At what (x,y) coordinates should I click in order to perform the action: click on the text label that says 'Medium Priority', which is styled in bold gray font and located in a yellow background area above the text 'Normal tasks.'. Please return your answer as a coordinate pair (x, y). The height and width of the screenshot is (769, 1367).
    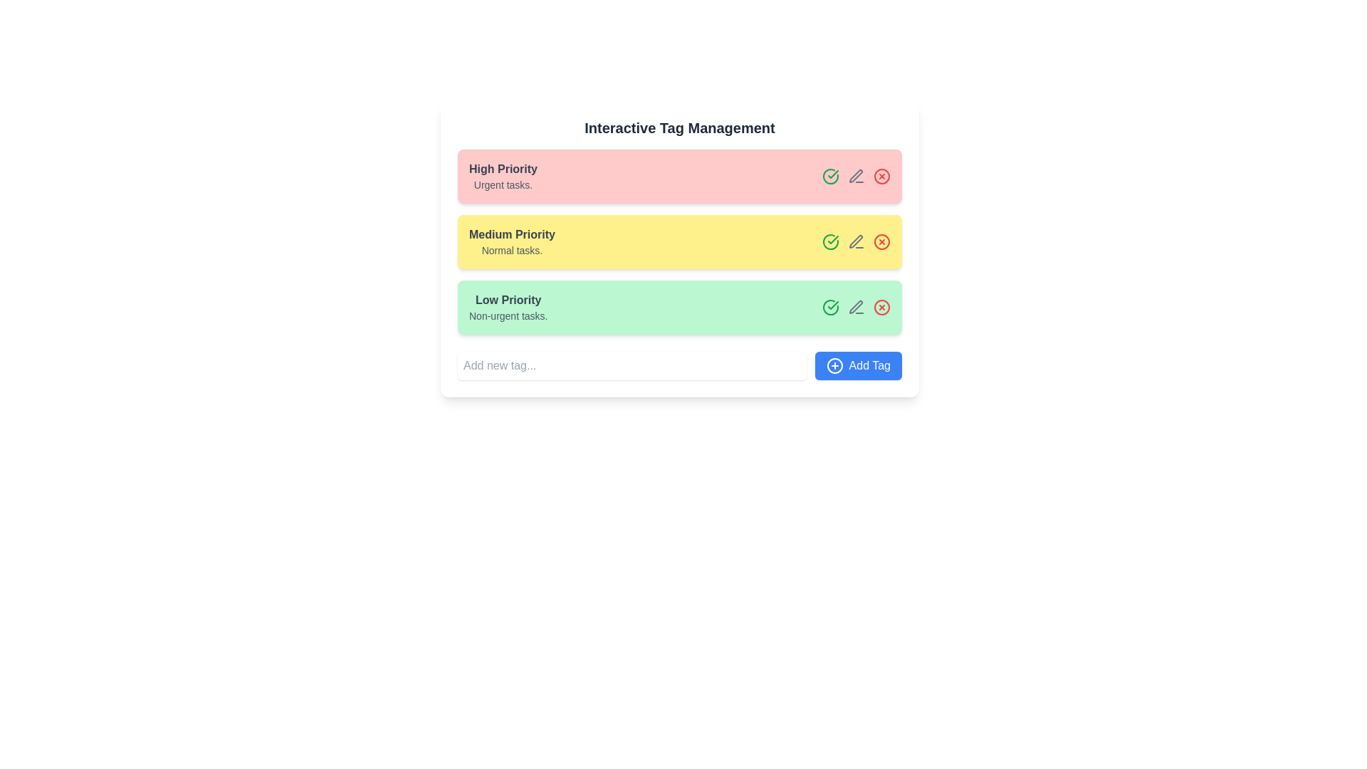
    Looking at the image, I should click on (512, 234).